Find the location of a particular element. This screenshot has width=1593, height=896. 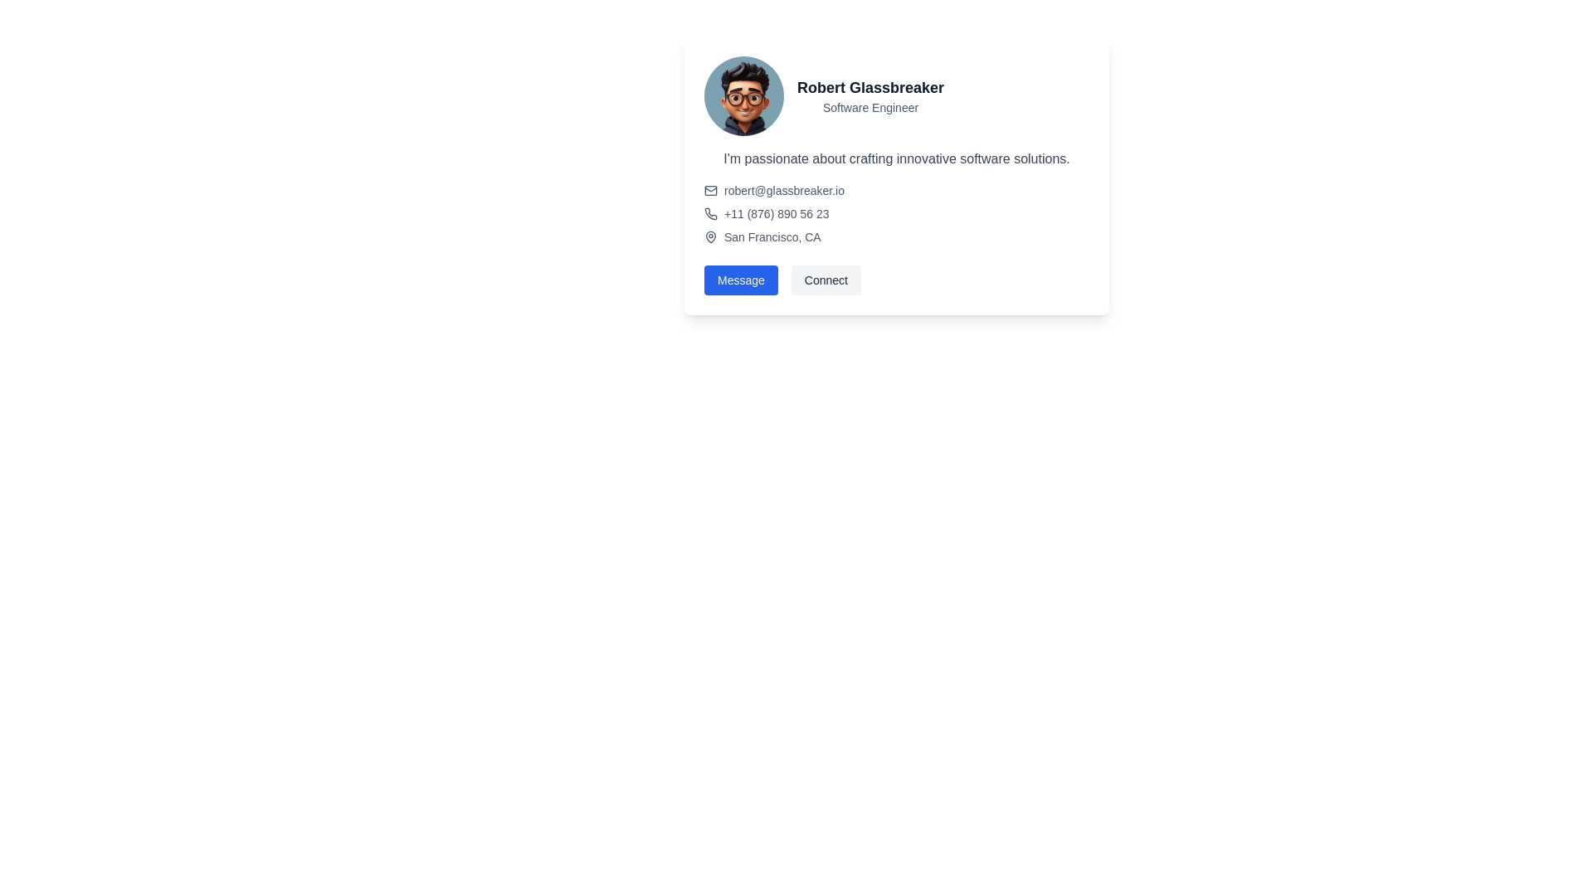

the clickable phone number link, which is styled as a hyperlink and located in the profile details section, to initiate a phone call is located at coordinates (895, 213).